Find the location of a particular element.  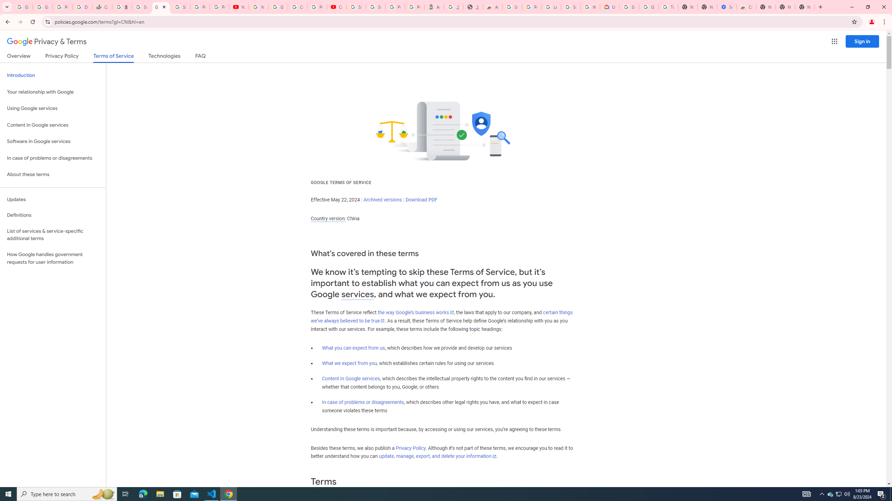

'Archived versions' is located at coordinates (382, 199).